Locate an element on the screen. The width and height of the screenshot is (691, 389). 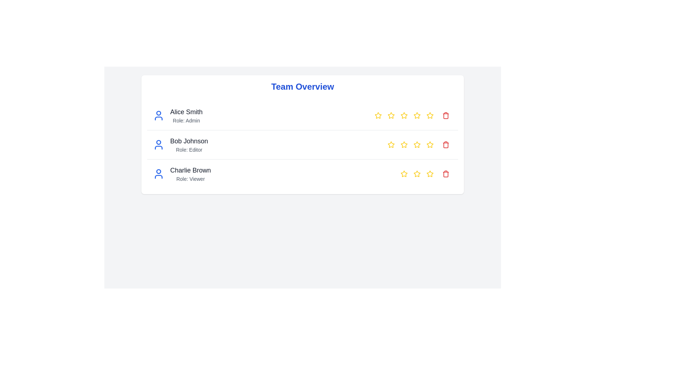
the first yellow star icon in the rating system is located at coordinates (378, 115).